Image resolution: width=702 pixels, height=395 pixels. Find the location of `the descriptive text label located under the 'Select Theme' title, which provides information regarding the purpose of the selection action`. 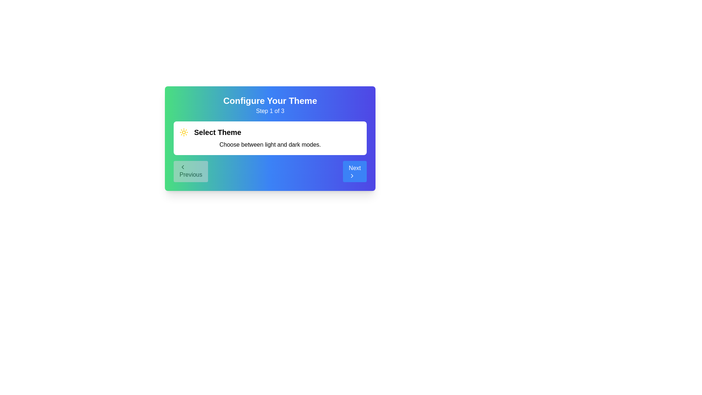

the descriptive text label located under the 'Select Theme' title, which provides information regarding the purpose of the selection action is located at coordinates (270, 145).